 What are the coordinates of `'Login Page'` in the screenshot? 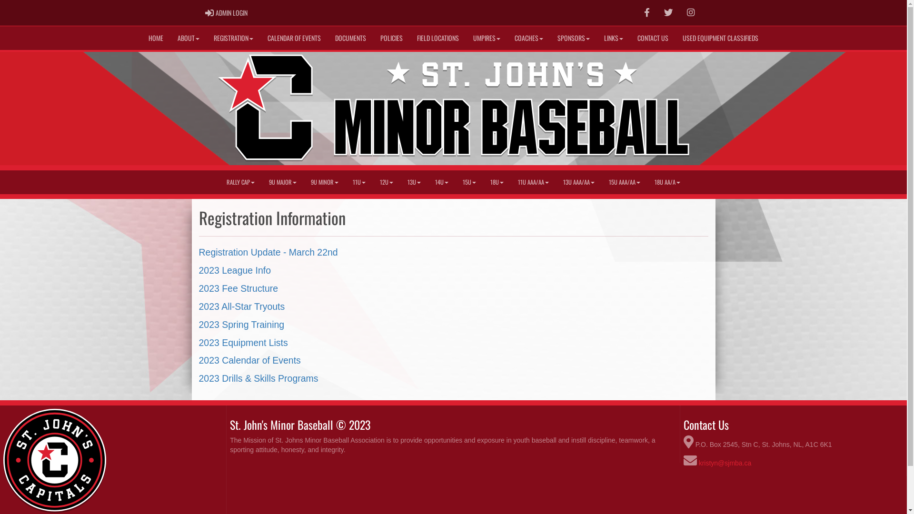 It's located at (209, 13).